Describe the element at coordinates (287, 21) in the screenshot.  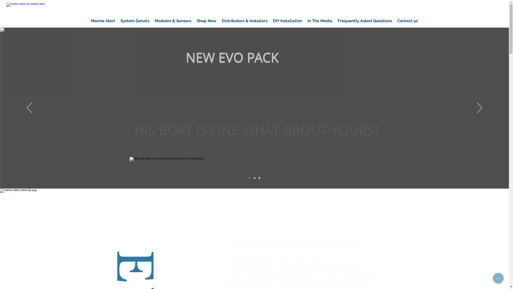
I see `'DIY Installation'` at that location.